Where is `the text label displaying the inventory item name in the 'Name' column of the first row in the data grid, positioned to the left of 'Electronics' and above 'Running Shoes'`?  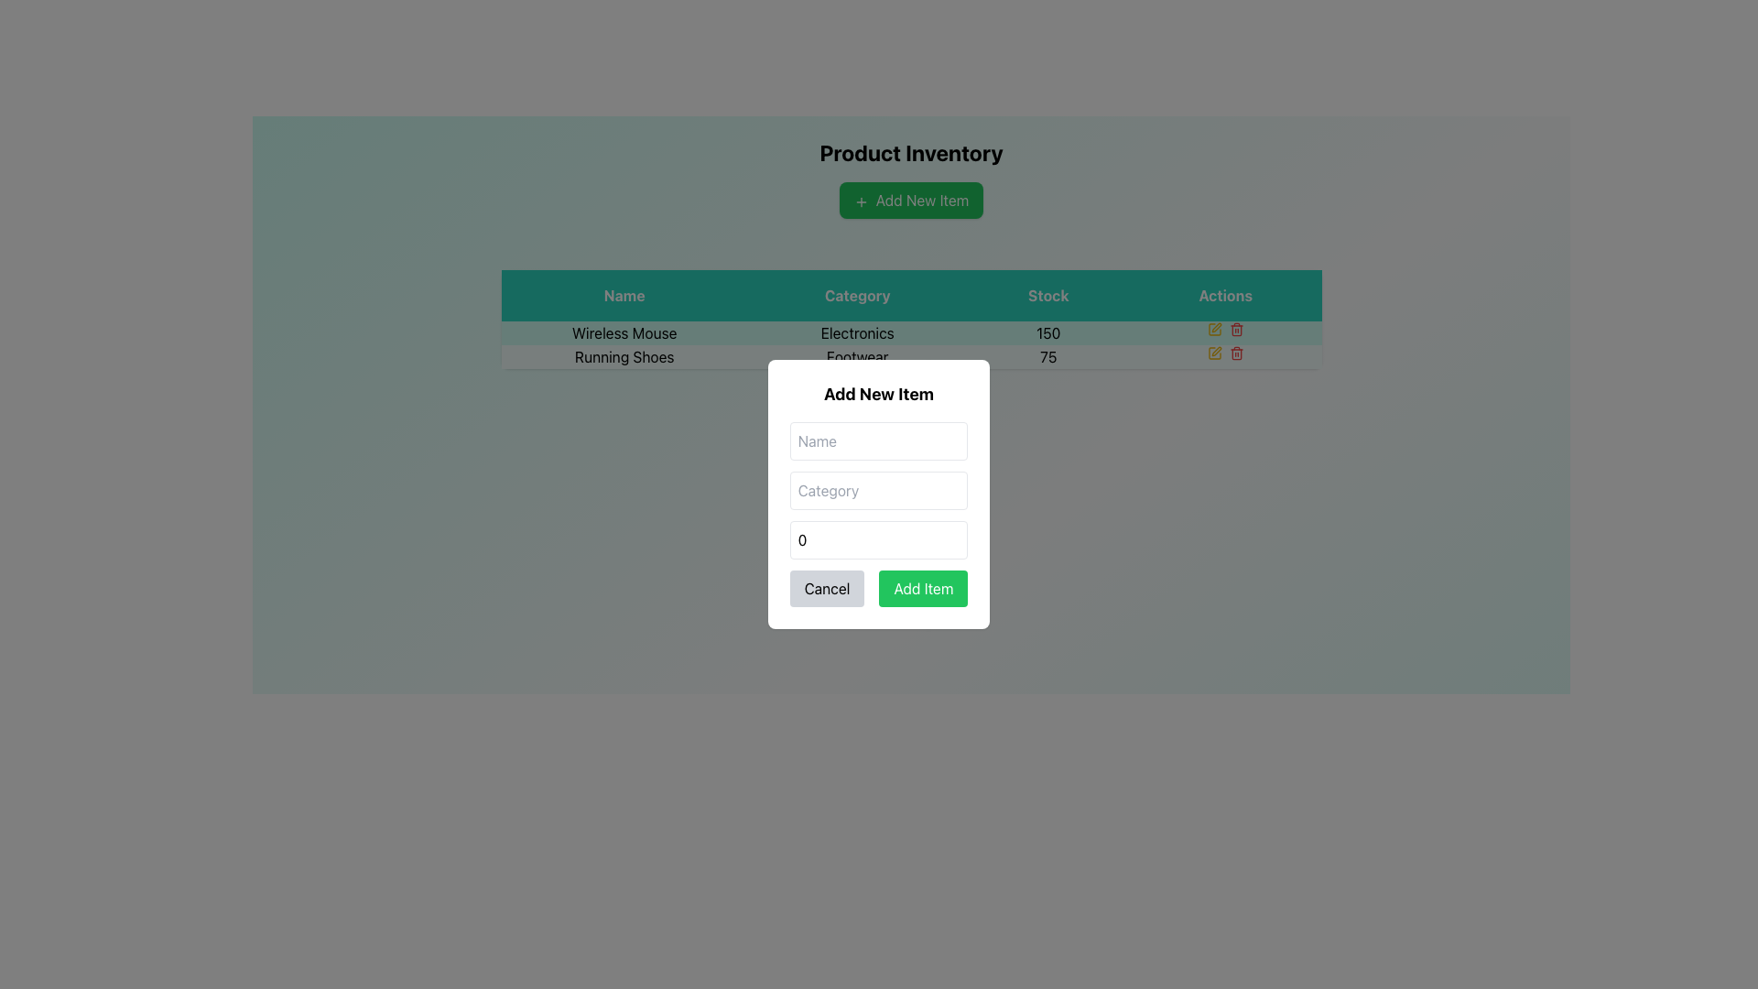
the text label displaying the inventory item name in the 'Name' column of the first row in the data grid, positioned to the left of 'Electronics' and above 'Running Shoes' is located at coordinates (624, 332).